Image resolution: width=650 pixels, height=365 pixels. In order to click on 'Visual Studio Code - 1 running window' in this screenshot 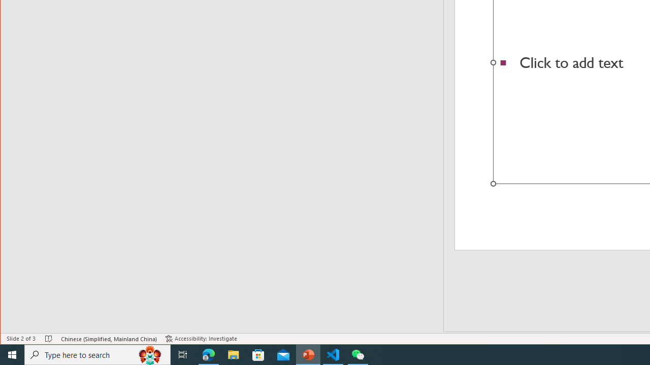, I will do `click(333, 354)`.